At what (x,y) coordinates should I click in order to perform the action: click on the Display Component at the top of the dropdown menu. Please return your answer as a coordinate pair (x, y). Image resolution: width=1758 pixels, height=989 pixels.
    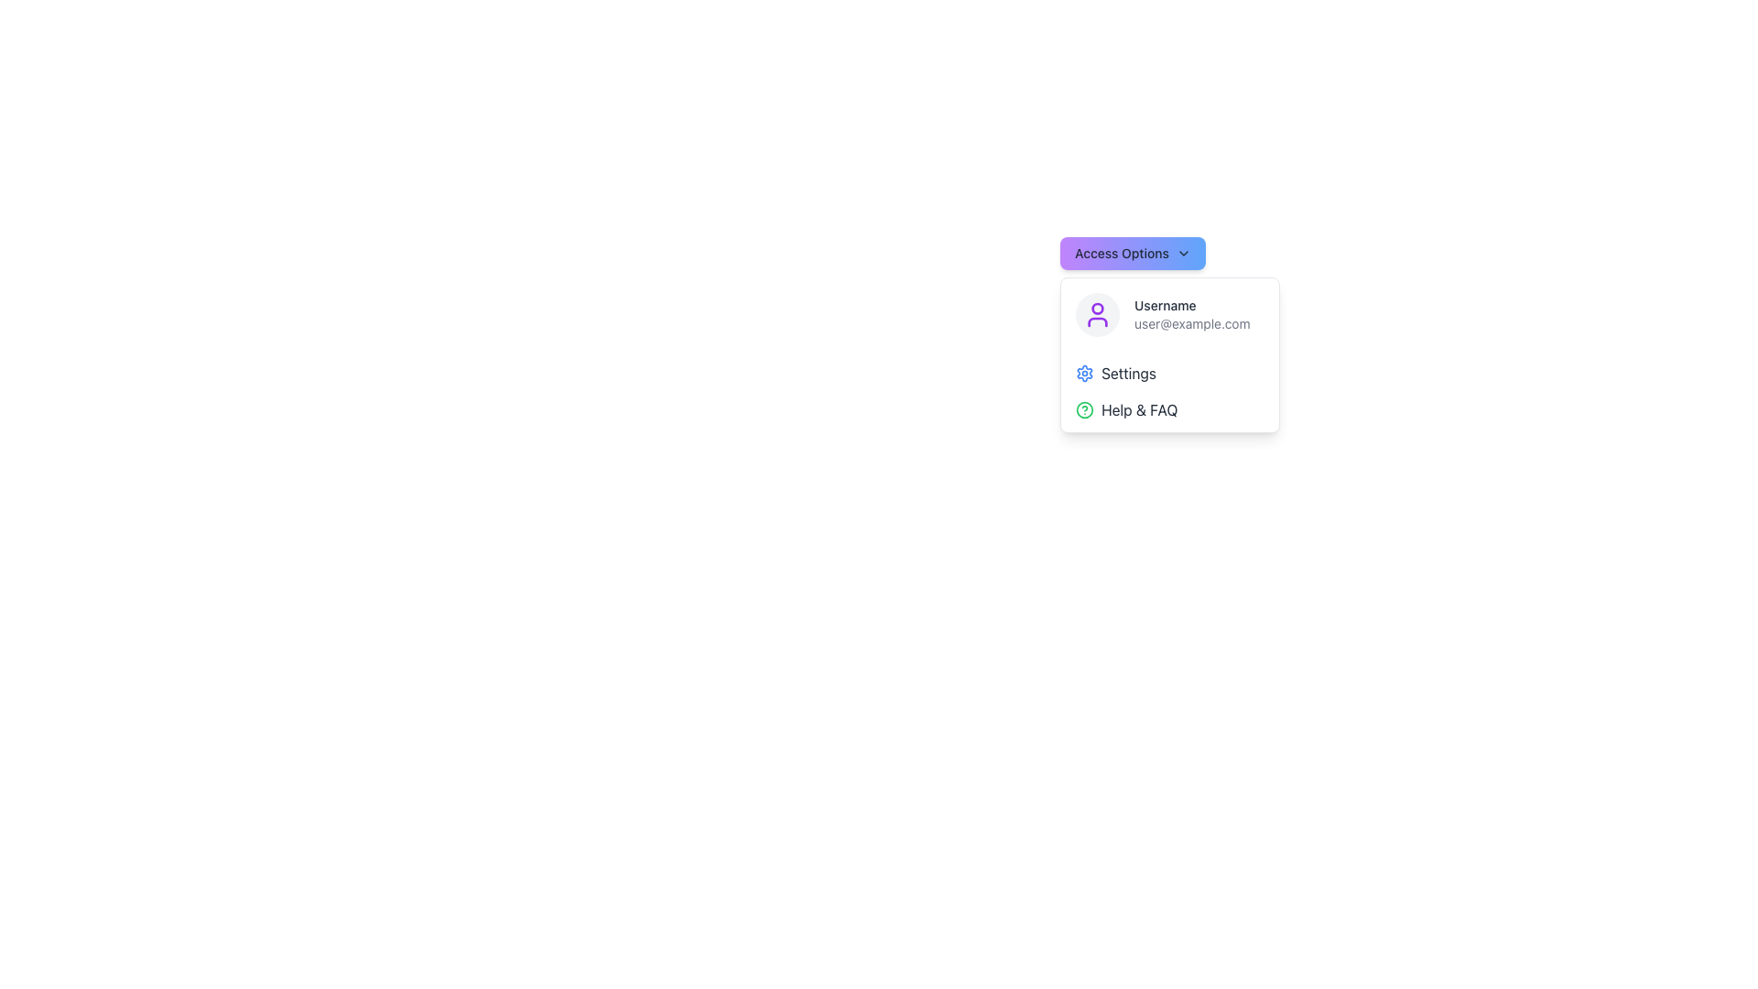
    Looking at the image, I should click on (1169, 313).